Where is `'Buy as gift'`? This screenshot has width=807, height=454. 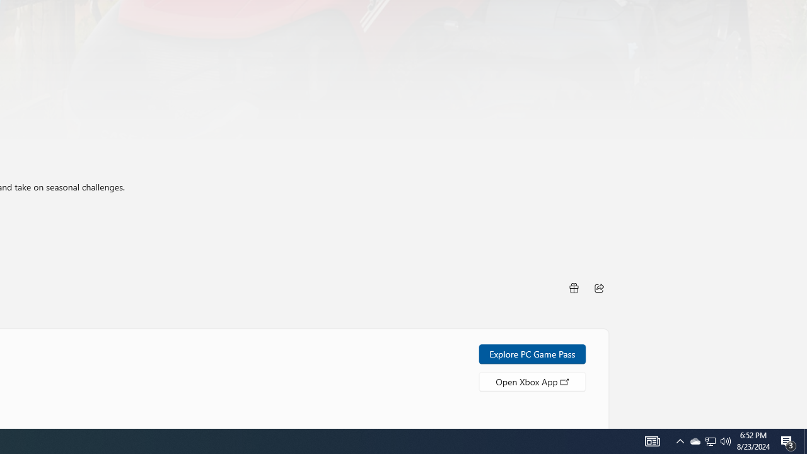 'Buy as gift' is located at coordinates (572, 288).